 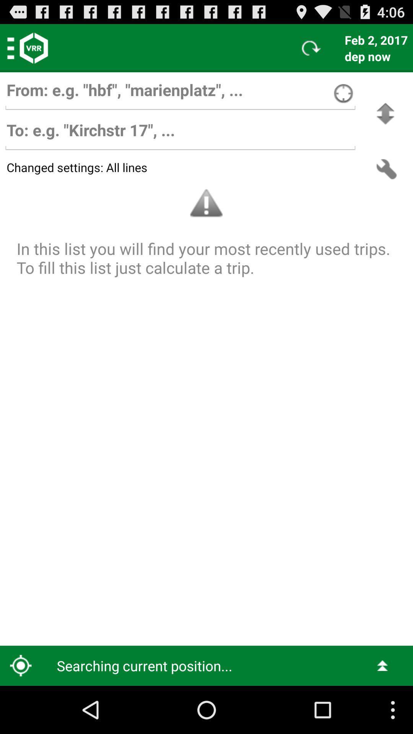 I want to click on bar to set destination, so click(x=180, y=134).